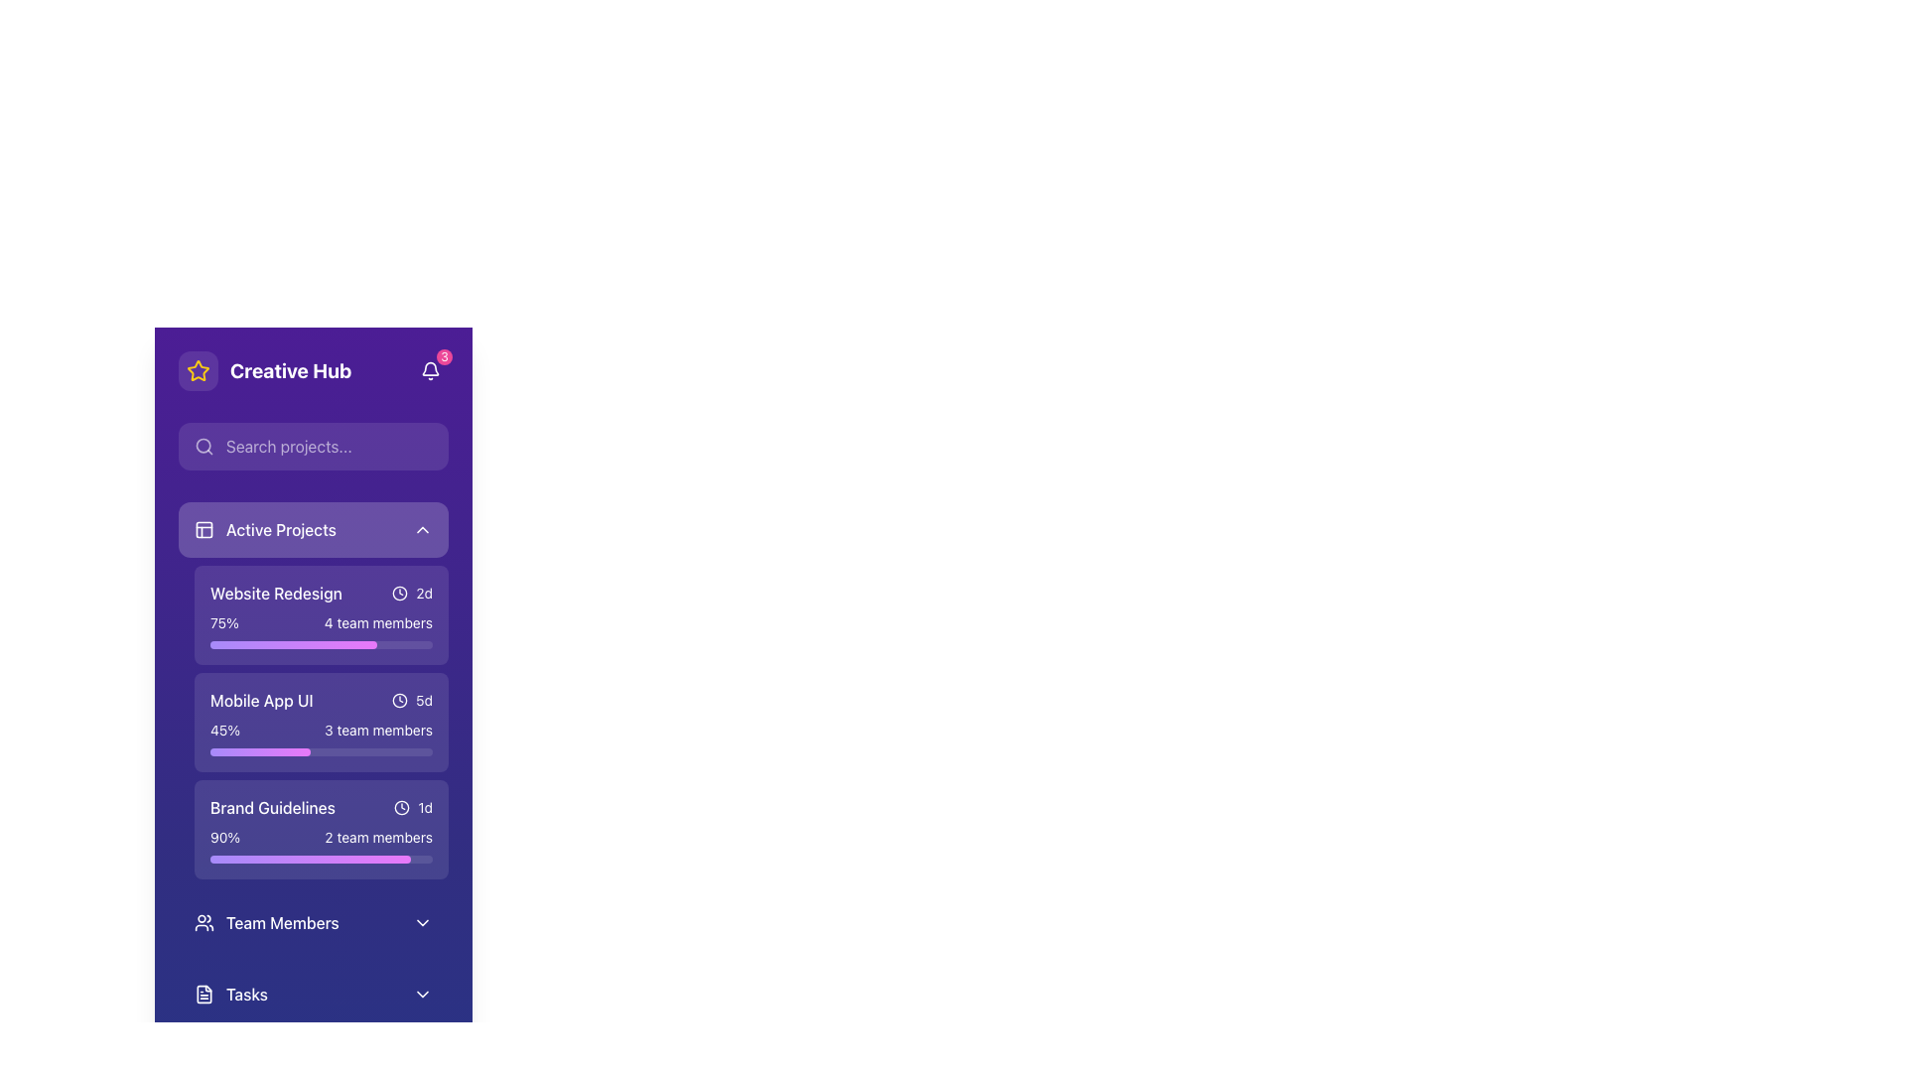 The height and width of the screenshot is (1072, 1906). What do you see at coordinates (264, 371) in the screenshot?
I see `the label located in the top-left corner of the interface, which serves as an identifier for the application or section` at bounding box center [264, 371].